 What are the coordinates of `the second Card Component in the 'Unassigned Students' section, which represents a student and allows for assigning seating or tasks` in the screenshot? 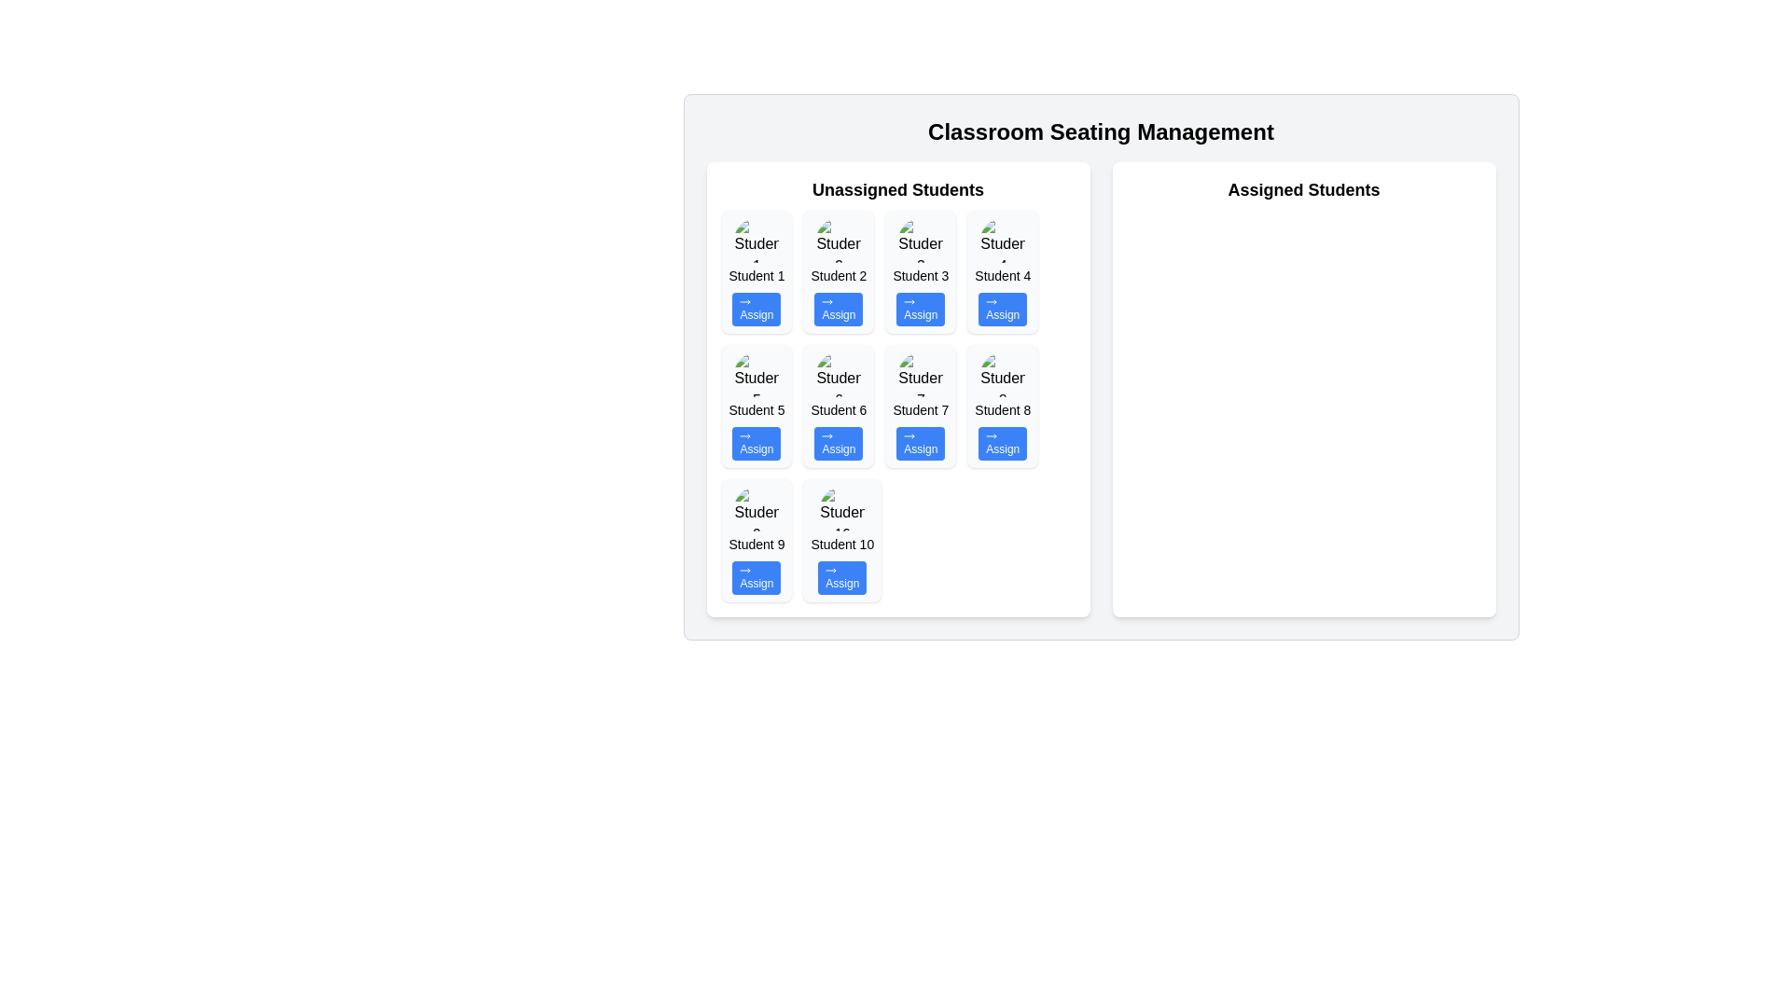 It's located at (838, 272).